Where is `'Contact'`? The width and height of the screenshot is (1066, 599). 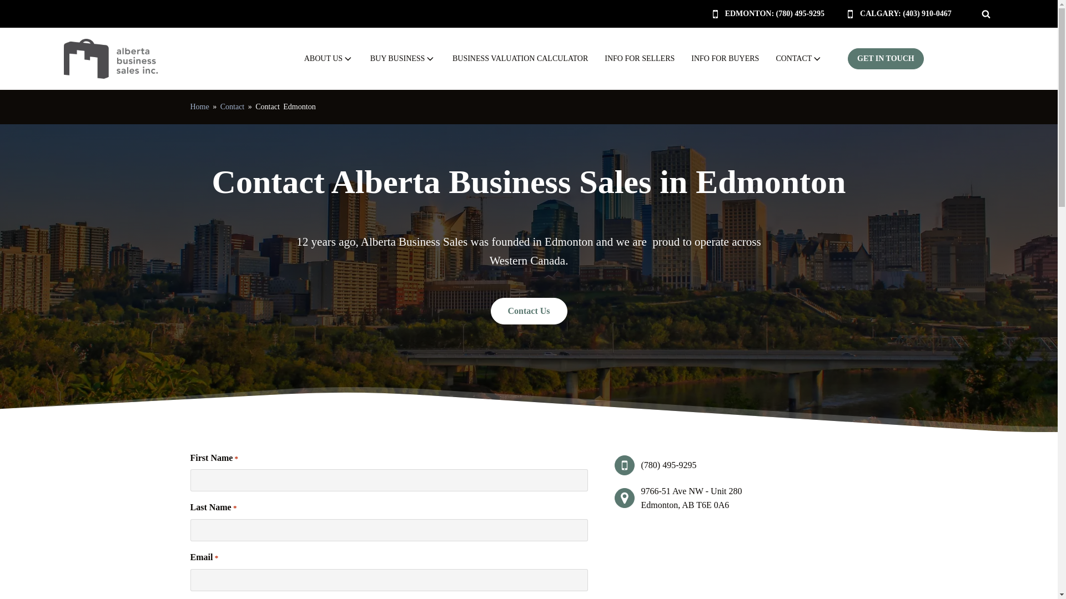 'Contact' is located at coordinates (232, 106).